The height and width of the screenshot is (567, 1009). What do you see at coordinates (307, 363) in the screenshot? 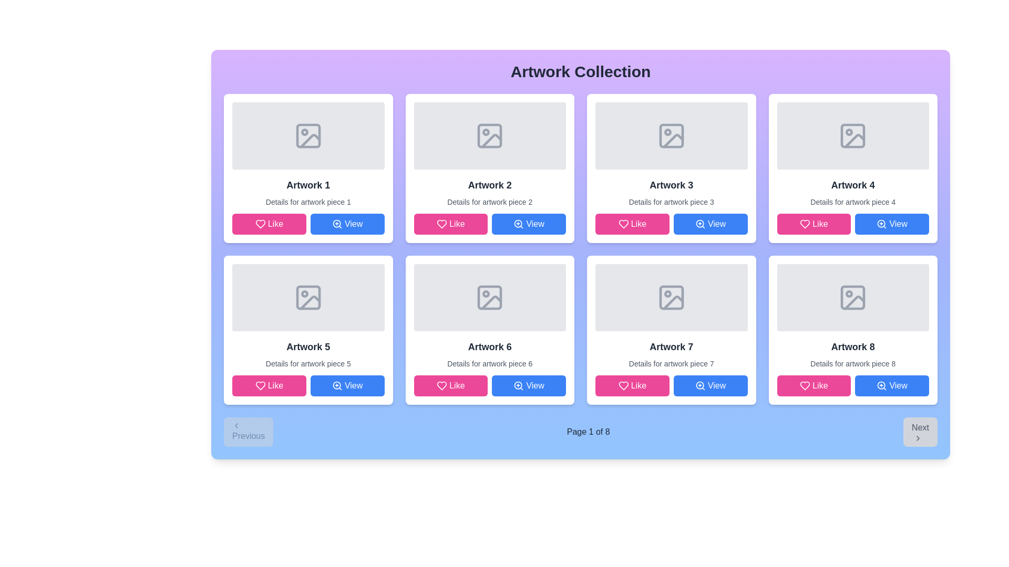
I see `the static text label that reads 'Details for artwork piece 5', located below the heading 'Artwork 5' in the artwork grid` at bounding box center [307, 363].